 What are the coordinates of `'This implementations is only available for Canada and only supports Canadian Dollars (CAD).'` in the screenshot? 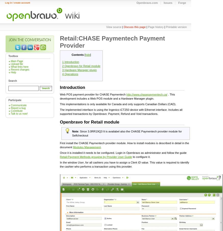 It's located at (118, 104).